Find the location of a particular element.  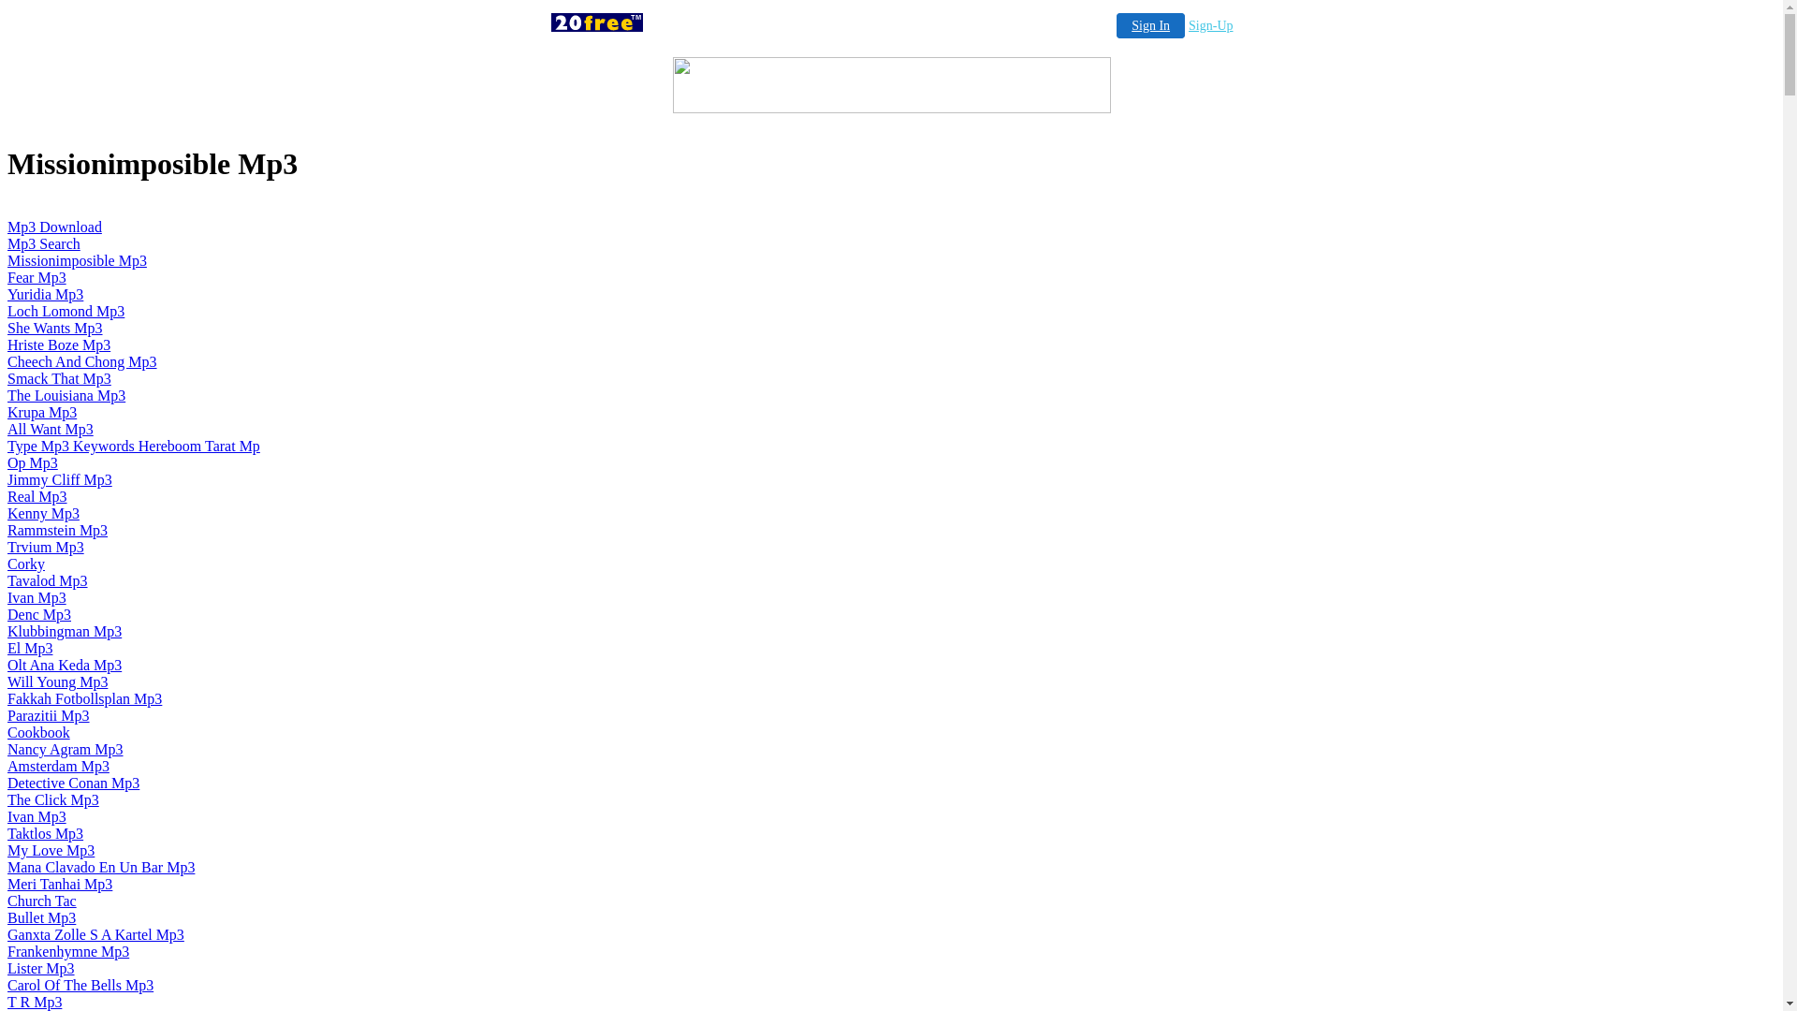

'Mp3 Search' is located at coordinates (44, 242).